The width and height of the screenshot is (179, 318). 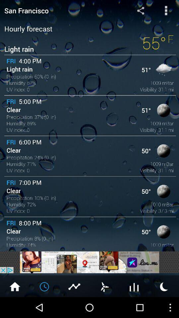 I want to click on more options, so click(x=166, y=10).